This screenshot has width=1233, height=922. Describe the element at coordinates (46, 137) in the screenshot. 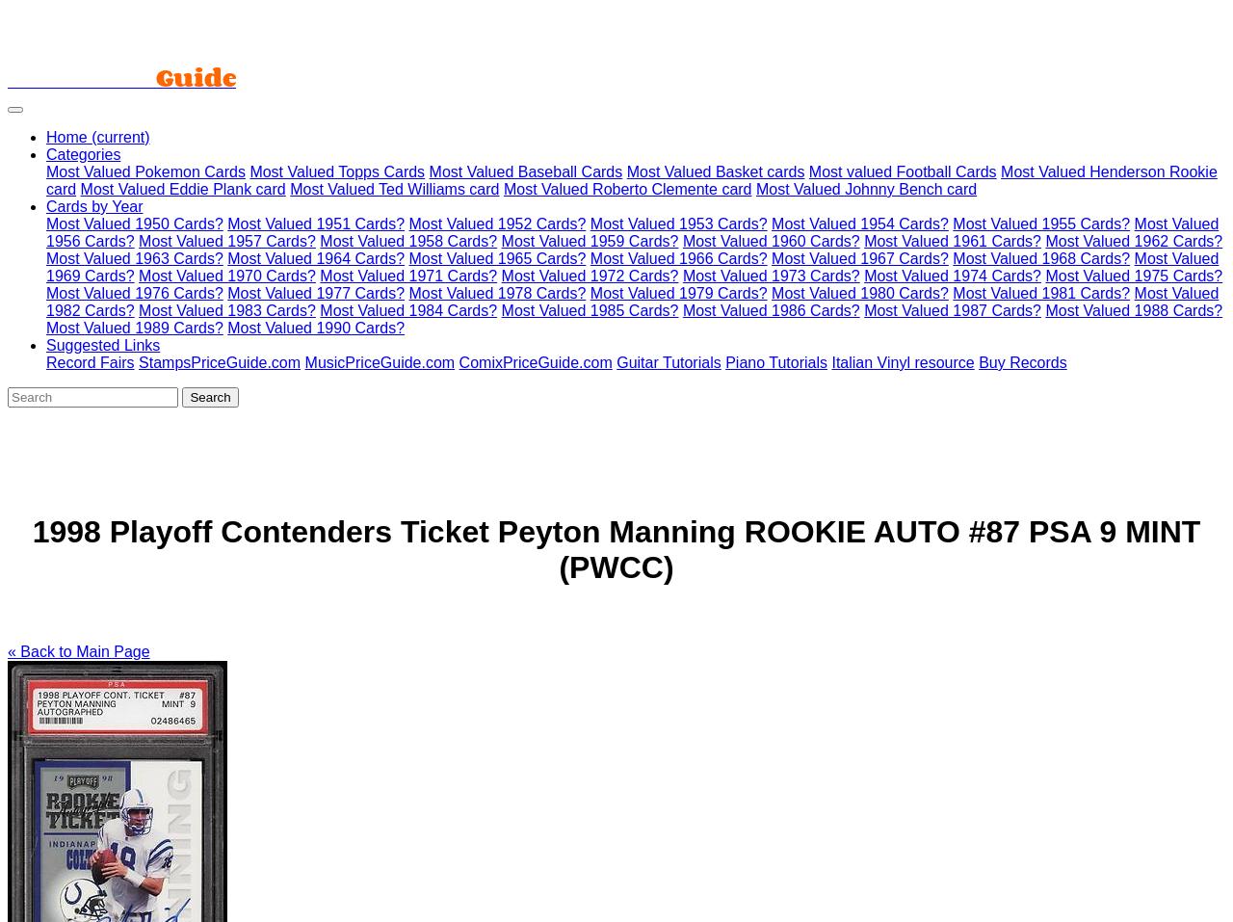

I see `'Home'` at that location.